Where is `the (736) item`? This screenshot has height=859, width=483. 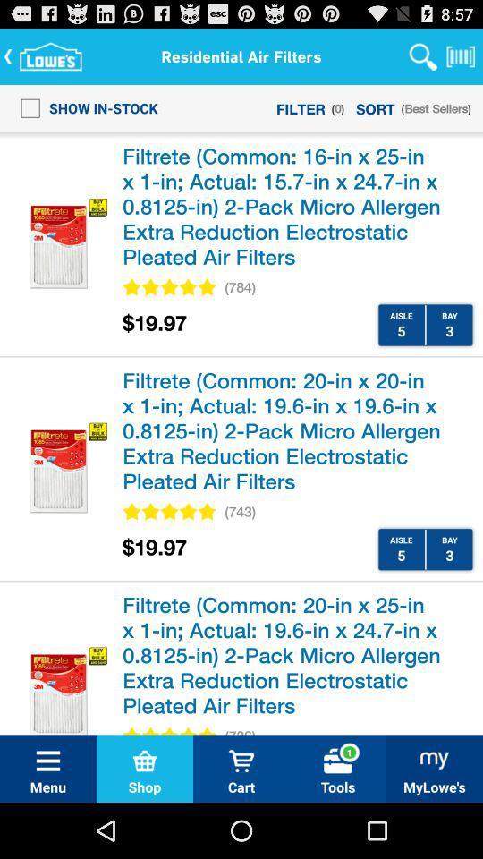
the (736) item is located at coordinates (240, 729).